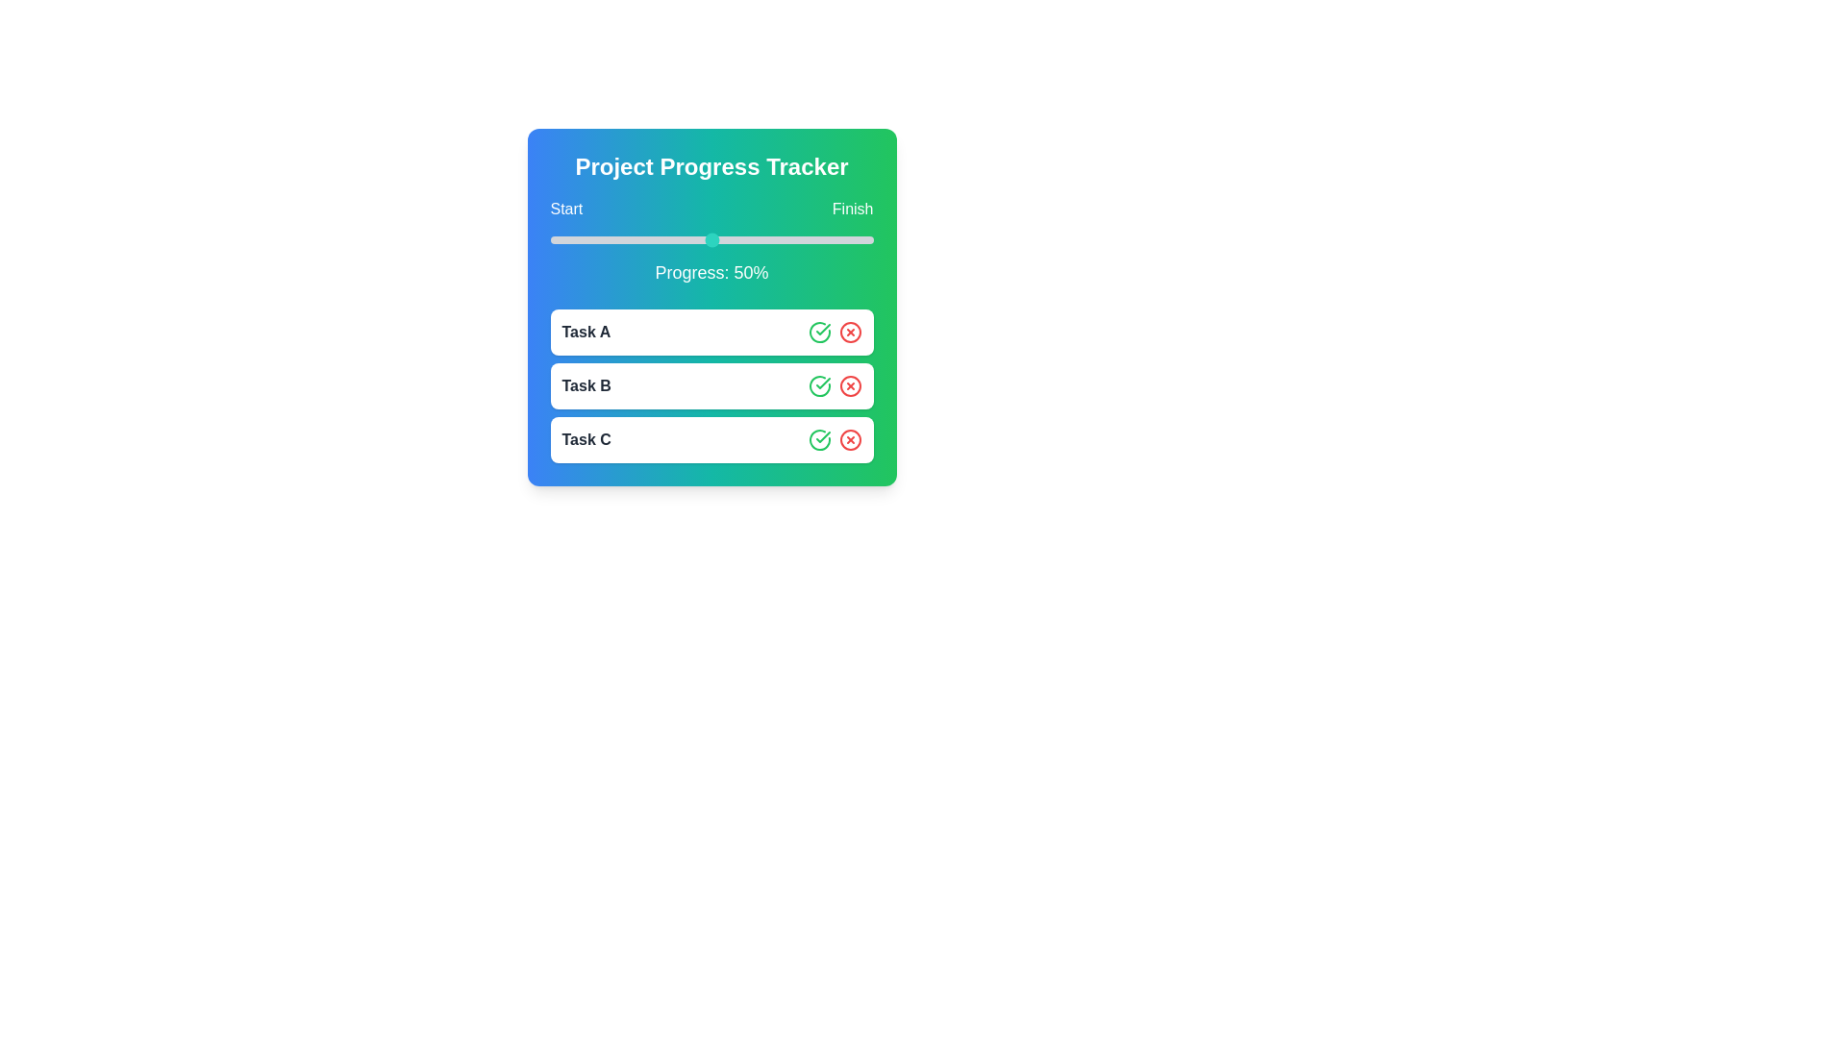  Describe the element at coordinates (586, 440) in the screenshot. I see `the task name Task C to focus or select it` at that location.